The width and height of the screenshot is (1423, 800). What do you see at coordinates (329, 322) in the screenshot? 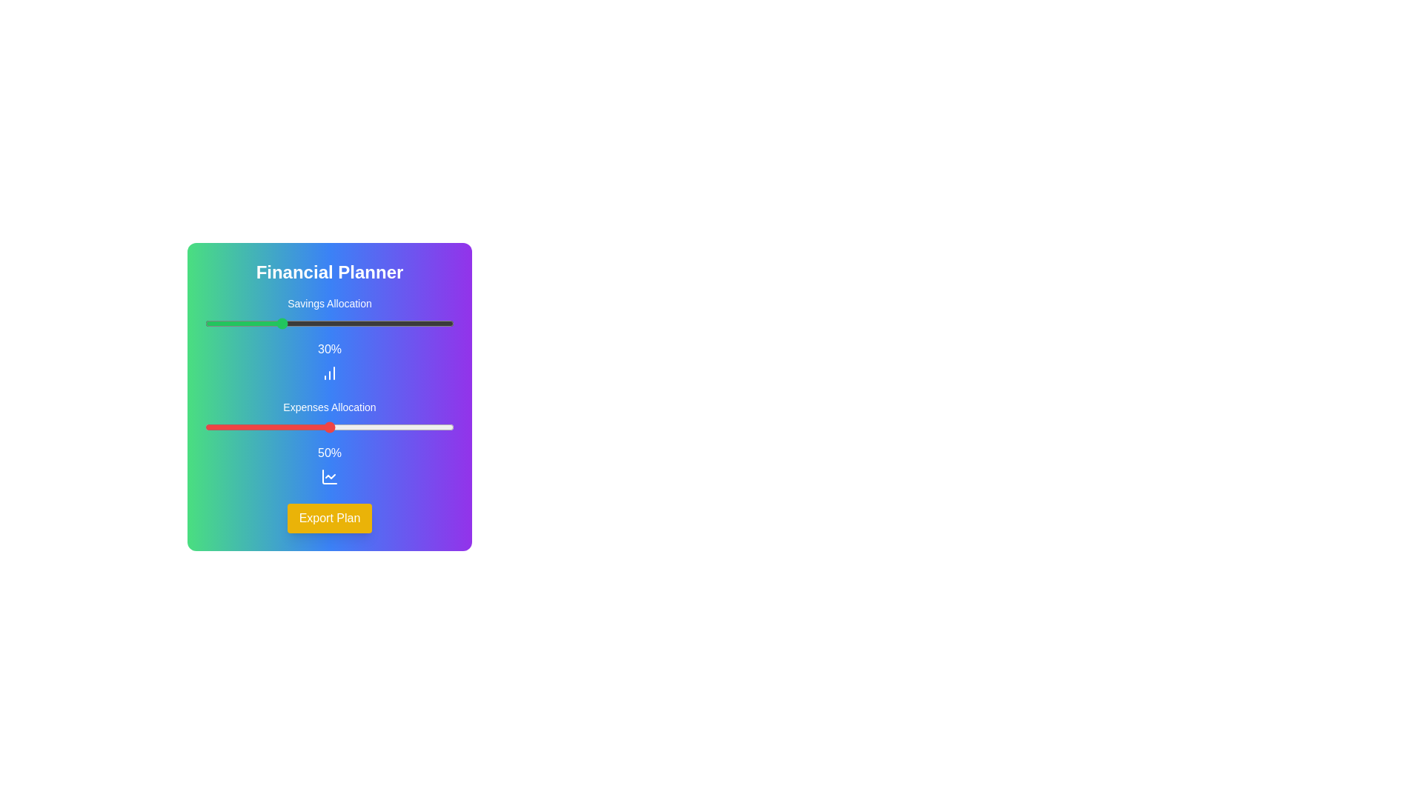
I see `the horizontal range slider with a green accent located below the label 'Savings Allocation' and positioned at approximately 30% of its total range` at bounding box center [329, 322].